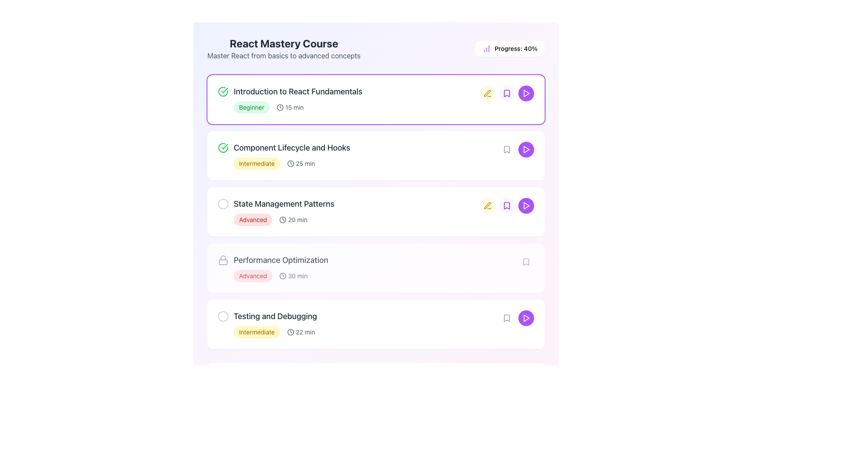 The image size is (842, 474). I want to click on the circular purple button with a white play icon, so click(526, 93).